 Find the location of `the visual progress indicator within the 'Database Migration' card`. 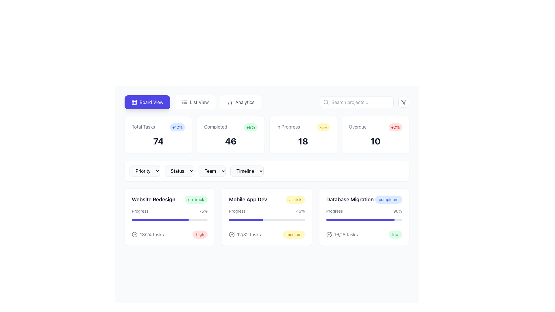

the visual progress indicator within the 'Database Migration' card is located at coordinates (364, 223).